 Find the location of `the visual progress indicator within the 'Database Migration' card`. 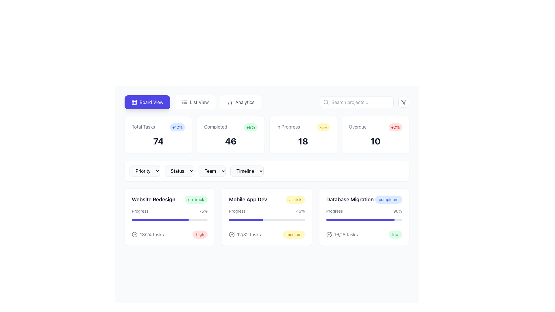

the visual progress indicator within the 'Database Migration' card is located at coordinates (364, 223).